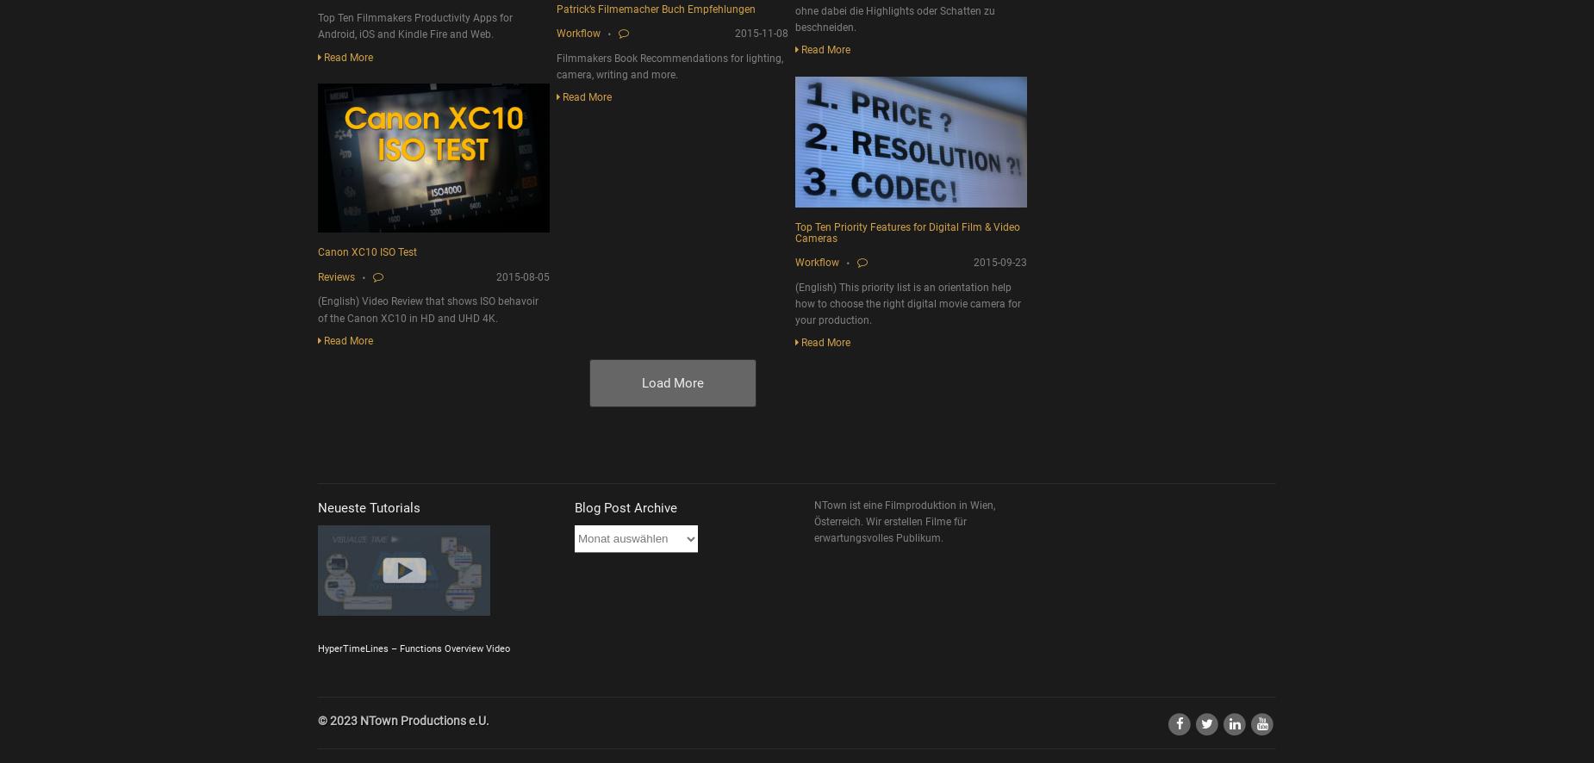  What do you see at coordinates (557, 9) in the screenshot?
I see `'Patrick’s Filmemacher Buch Empfehlungen'` at bounding box center [557, 9].